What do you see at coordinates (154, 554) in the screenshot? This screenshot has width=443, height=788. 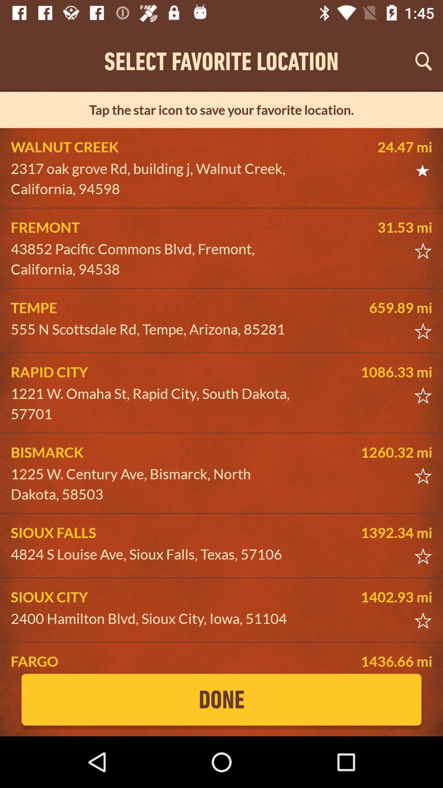 I see `the icon below the sioux falls icon` at bounding box center [154, 554].